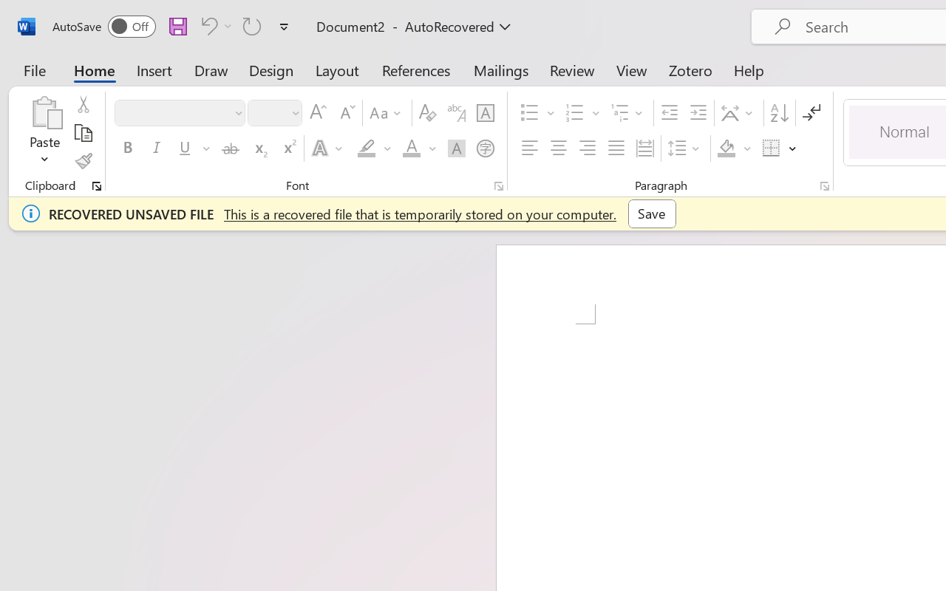 This screenshot has width=946, height=591. What do you see at coordinates (644, 148) in the screenshot?
I see `'Distributed'` at bounding box center [644, 148].